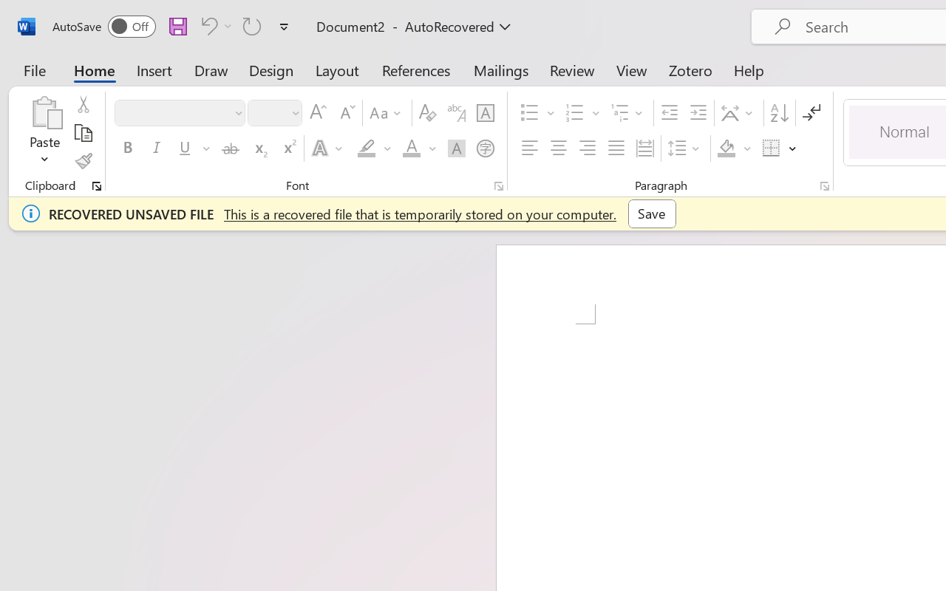 This screenshot has width=946, height=591. What do you see at coordinates (644, 148) in the screenshot?
I see `'Distributed'` at bounding box center [644, 148].